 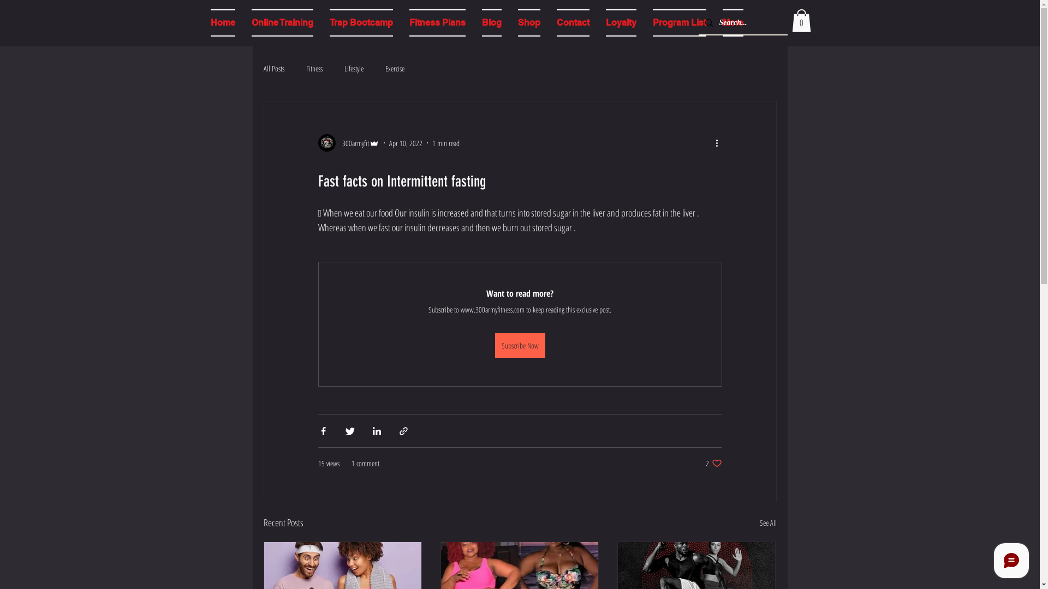 I want to click on 'All Posts', so click(x=273, y=68).